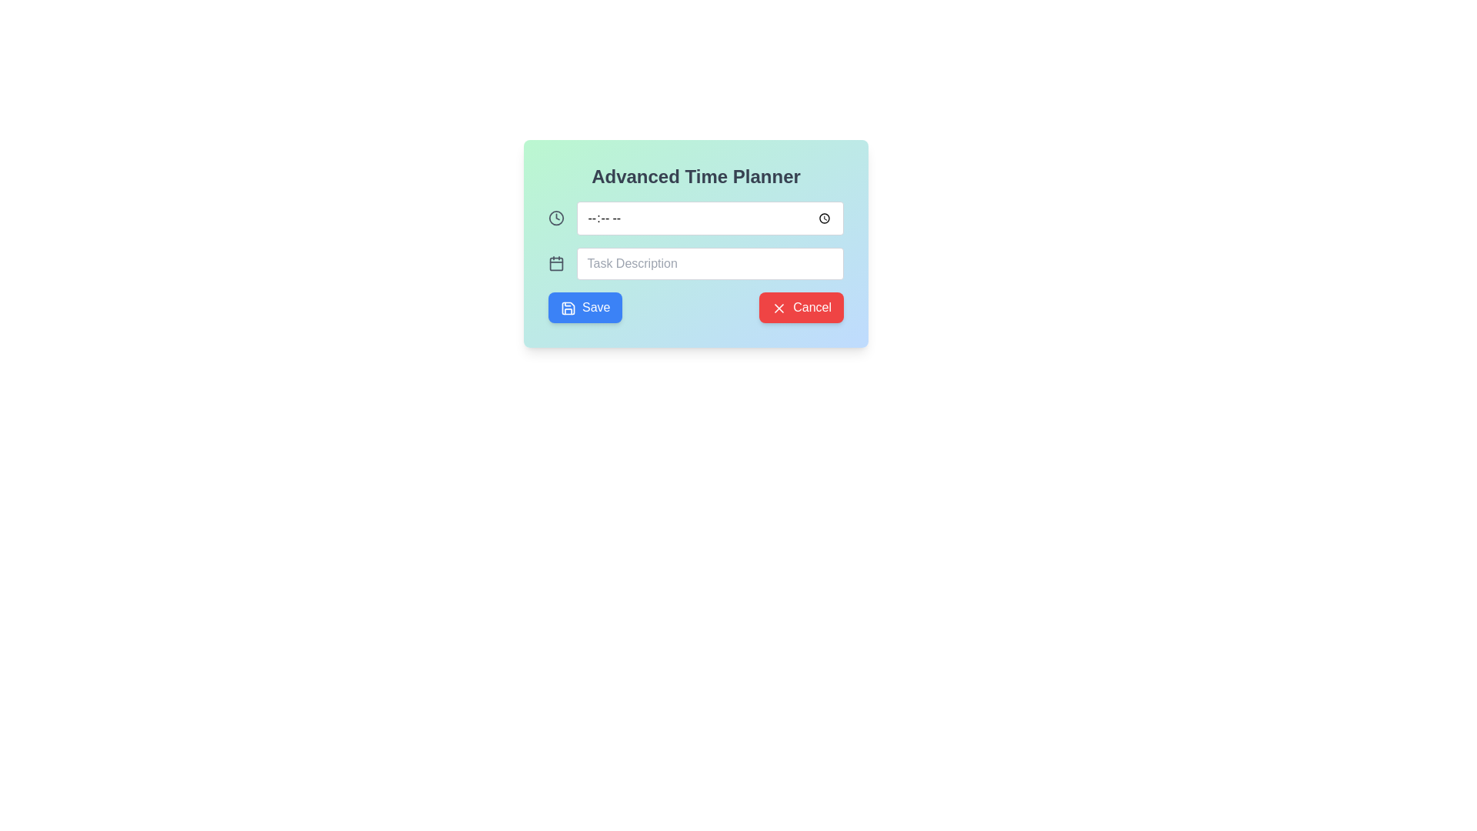 The height and width of the screenshot is (831, 1477). I want to click on the calendar icon with a gray outline, so click(555, 263).